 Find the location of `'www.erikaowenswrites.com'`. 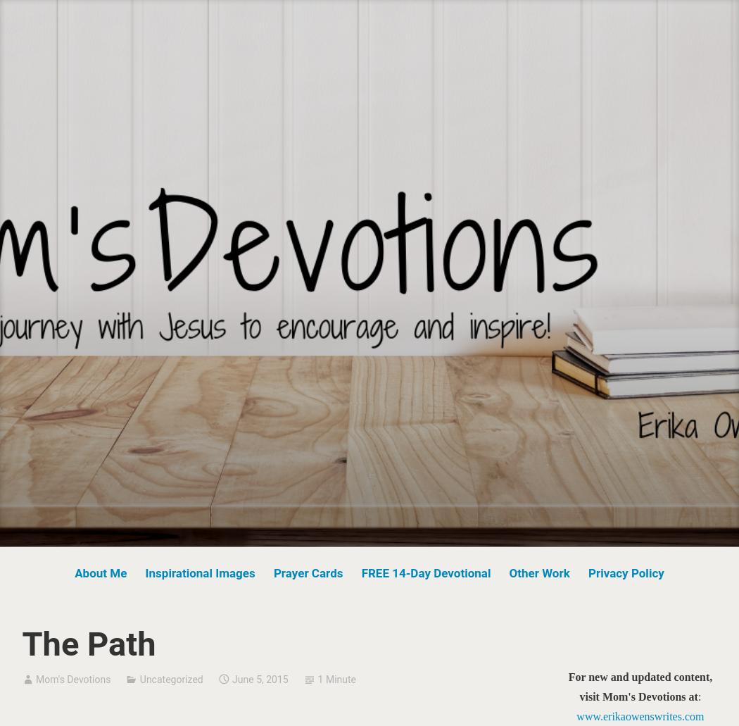

'www.erikaowenswrites.com' is located at coordinates (640, 715).